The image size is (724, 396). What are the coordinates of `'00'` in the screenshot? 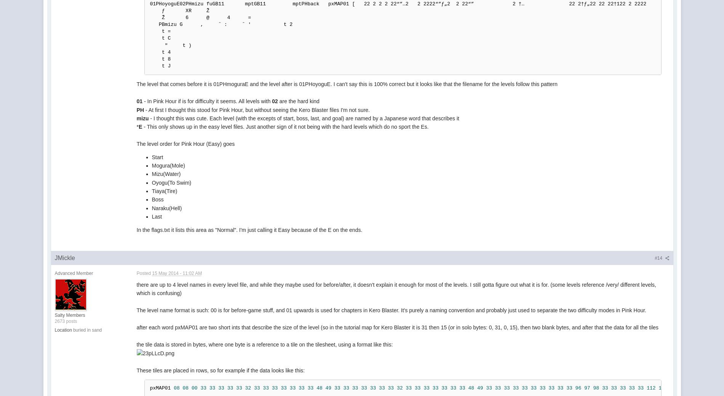 It's located at (191, 388).